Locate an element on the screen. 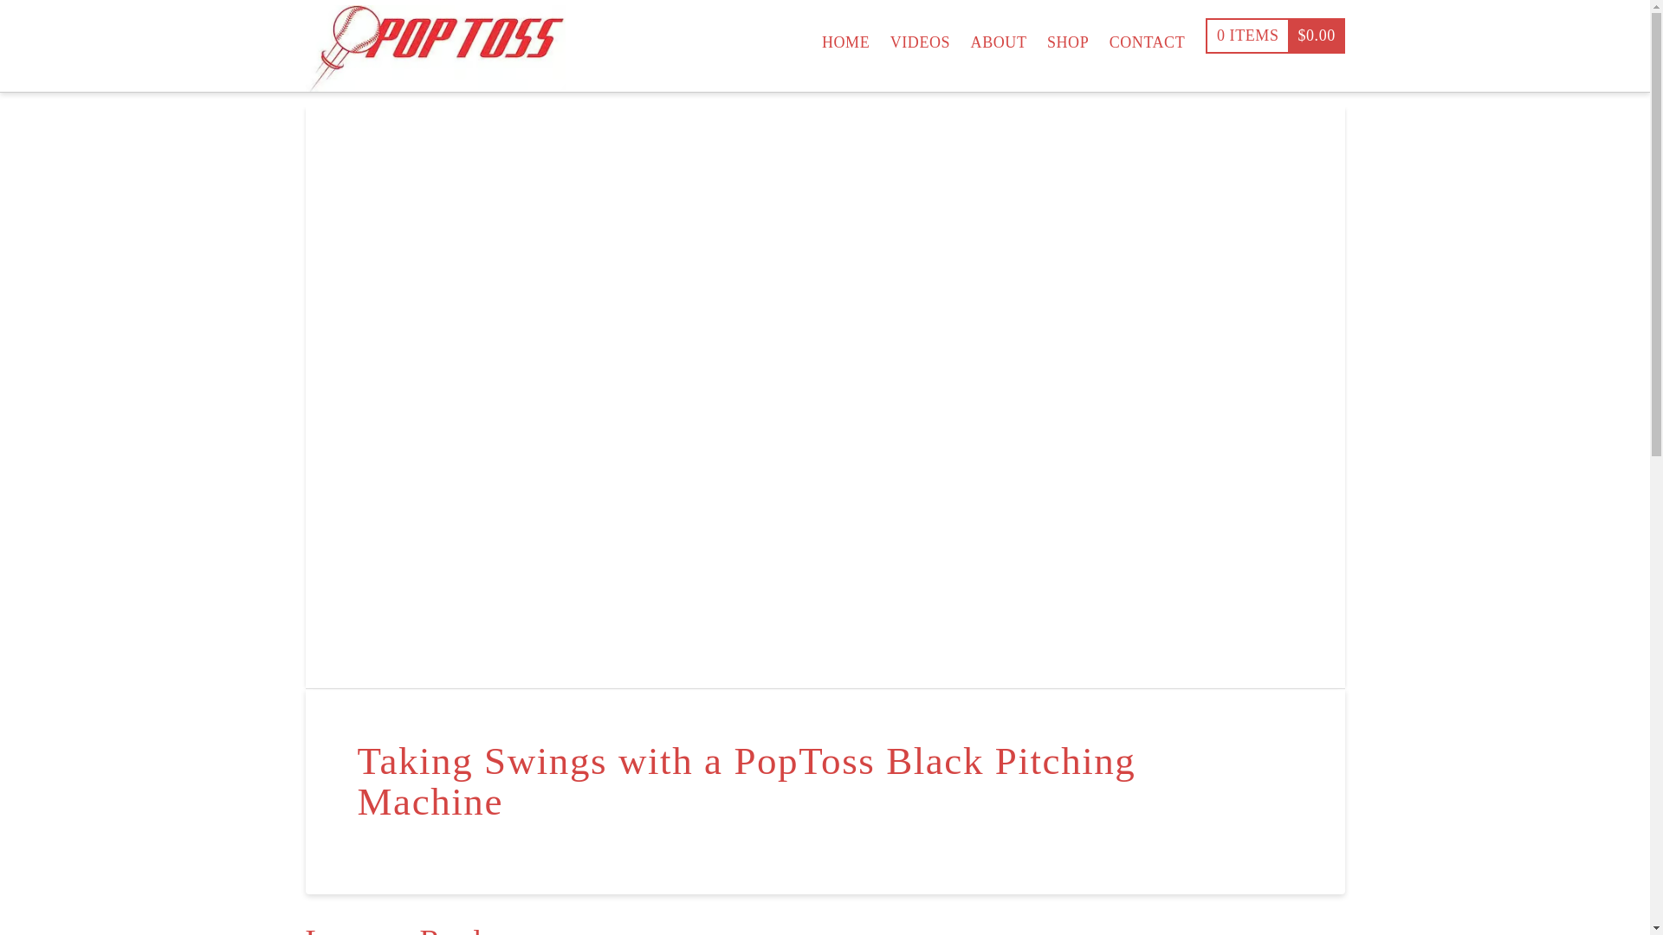 Image resolution: width=1663 pixels, height=935 pixels. 'embedded content 1' is located at coordinates (823, 396).